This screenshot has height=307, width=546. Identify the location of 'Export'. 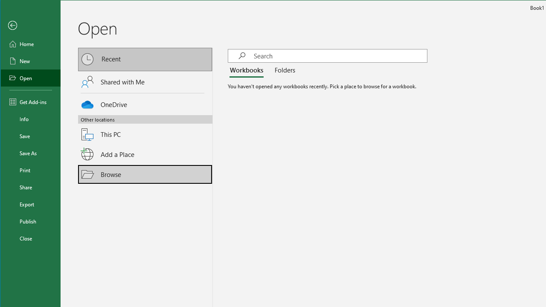
(31, 204).